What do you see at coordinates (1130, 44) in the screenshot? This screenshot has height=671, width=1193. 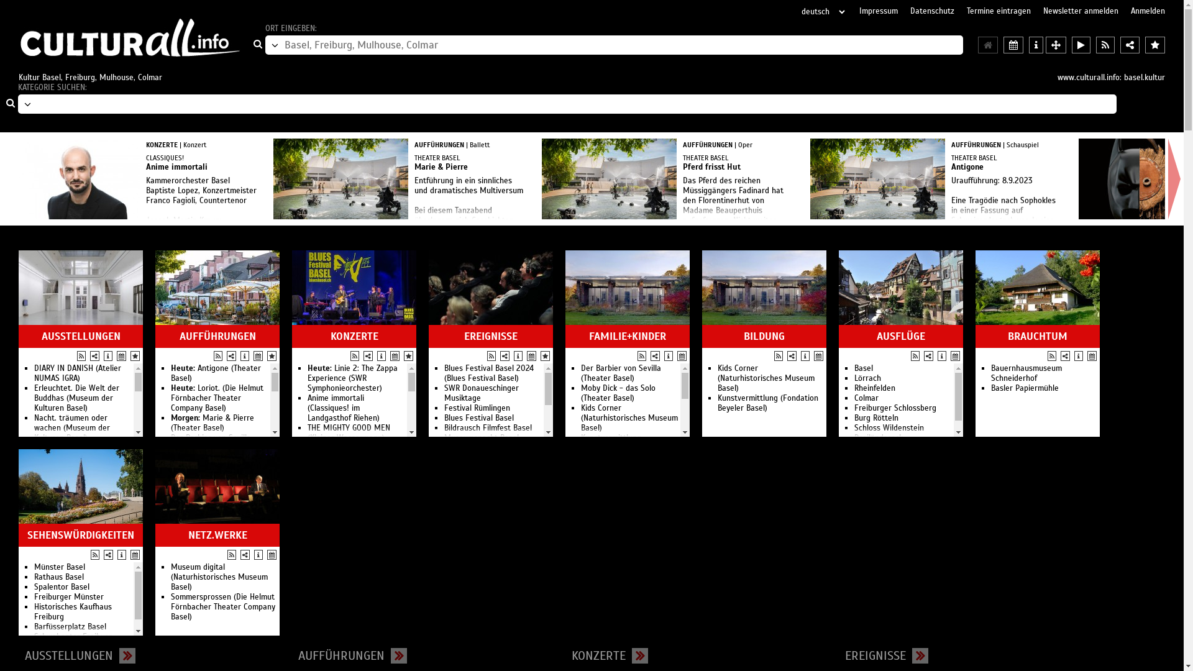 I see `'Region Basel, Freiburg, Mulhouse, Colmar teilen'` at bounding box center [1130, 44].